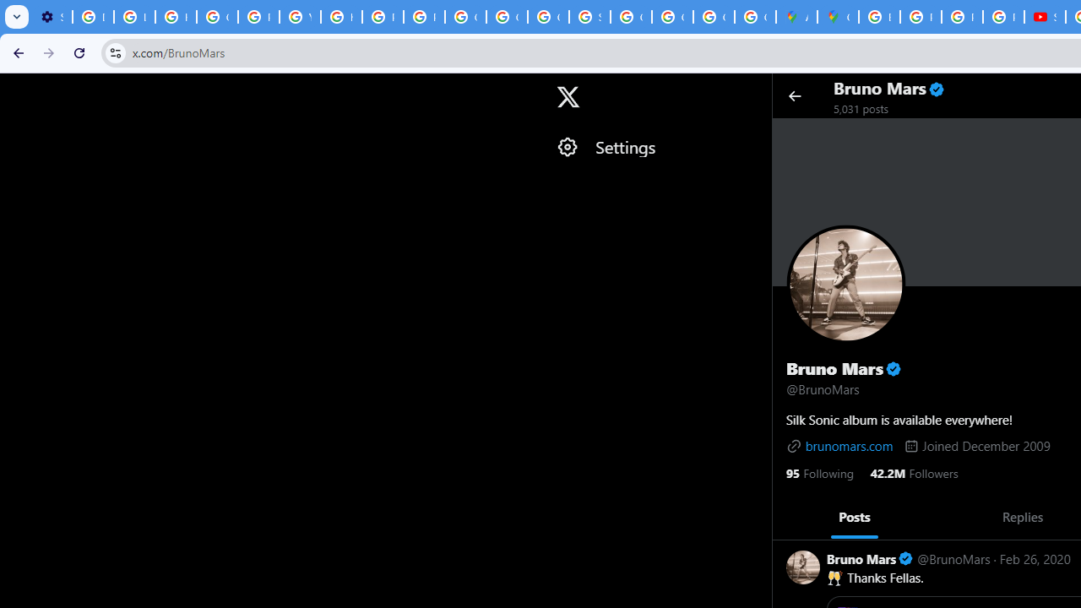  I want to click on 'View site information', so click(114, 52).